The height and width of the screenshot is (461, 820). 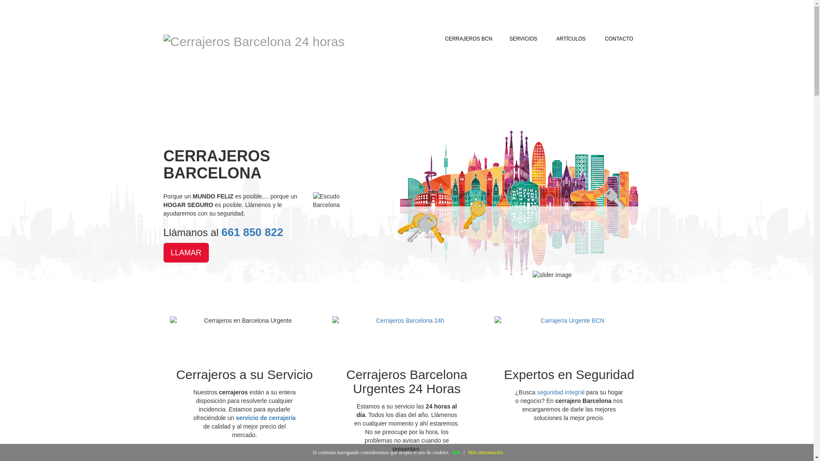 What do you see at coordinates (619, 39) in the screenshot?
I see `'CONTACTO'` at bounding box center [619, 39].